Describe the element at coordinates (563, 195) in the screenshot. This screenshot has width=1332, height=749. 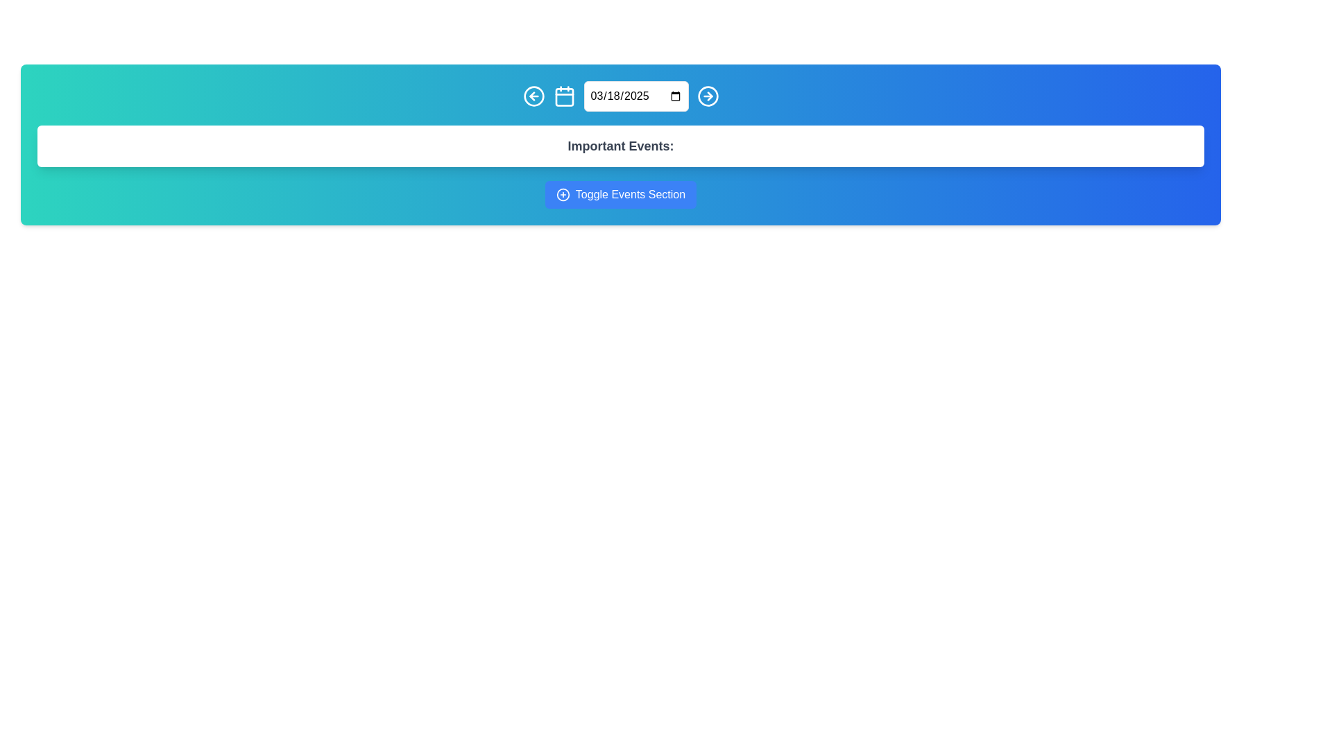
I see `the button labeled 'Toggle Events Section' that contains the blue circular SVG element` at that location.